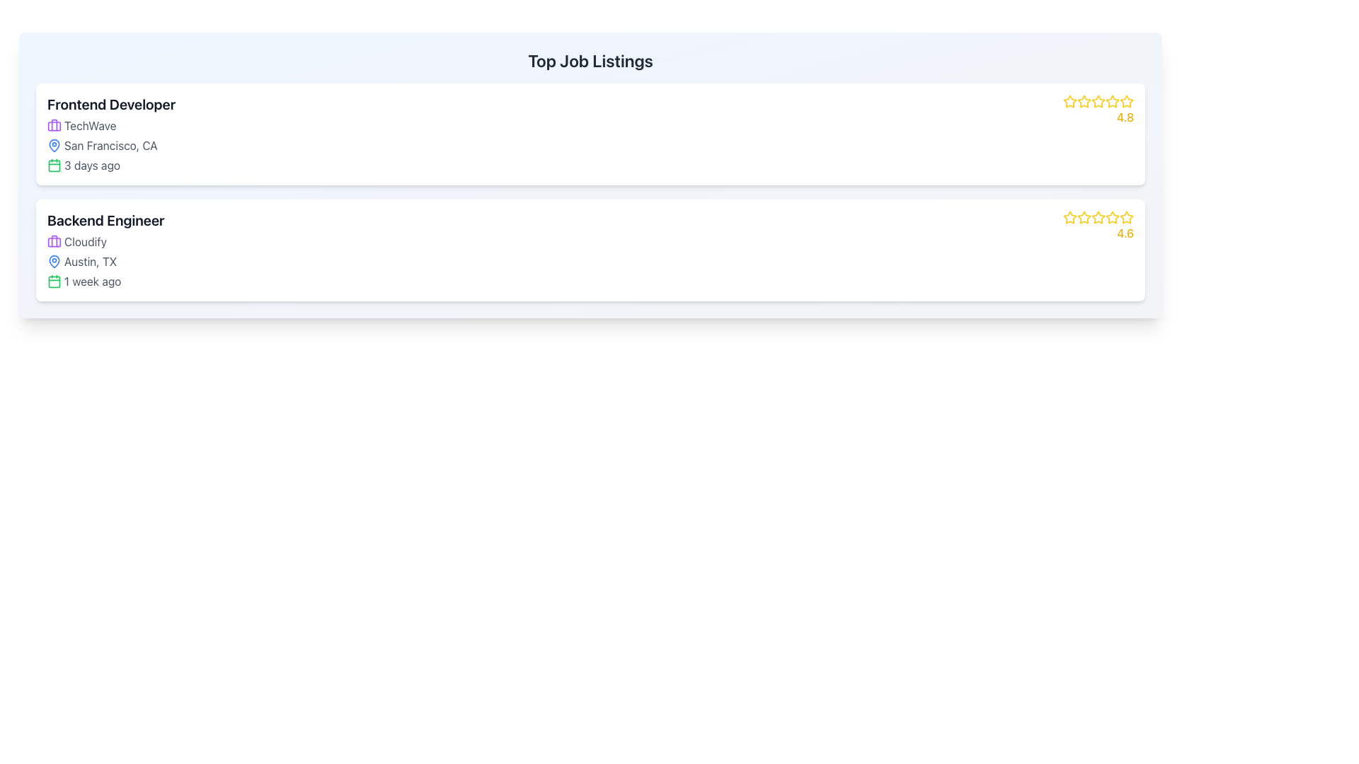 Image resolution: width=1359 pixels, height=764 pixels. What do you see at coordinates (54, 281) in the screenshot?
I see `the green rounded rectangle SVG icon that resembles a calendar, which is part of the top job entry in the list of job postings` at bounding box center [54, 281].